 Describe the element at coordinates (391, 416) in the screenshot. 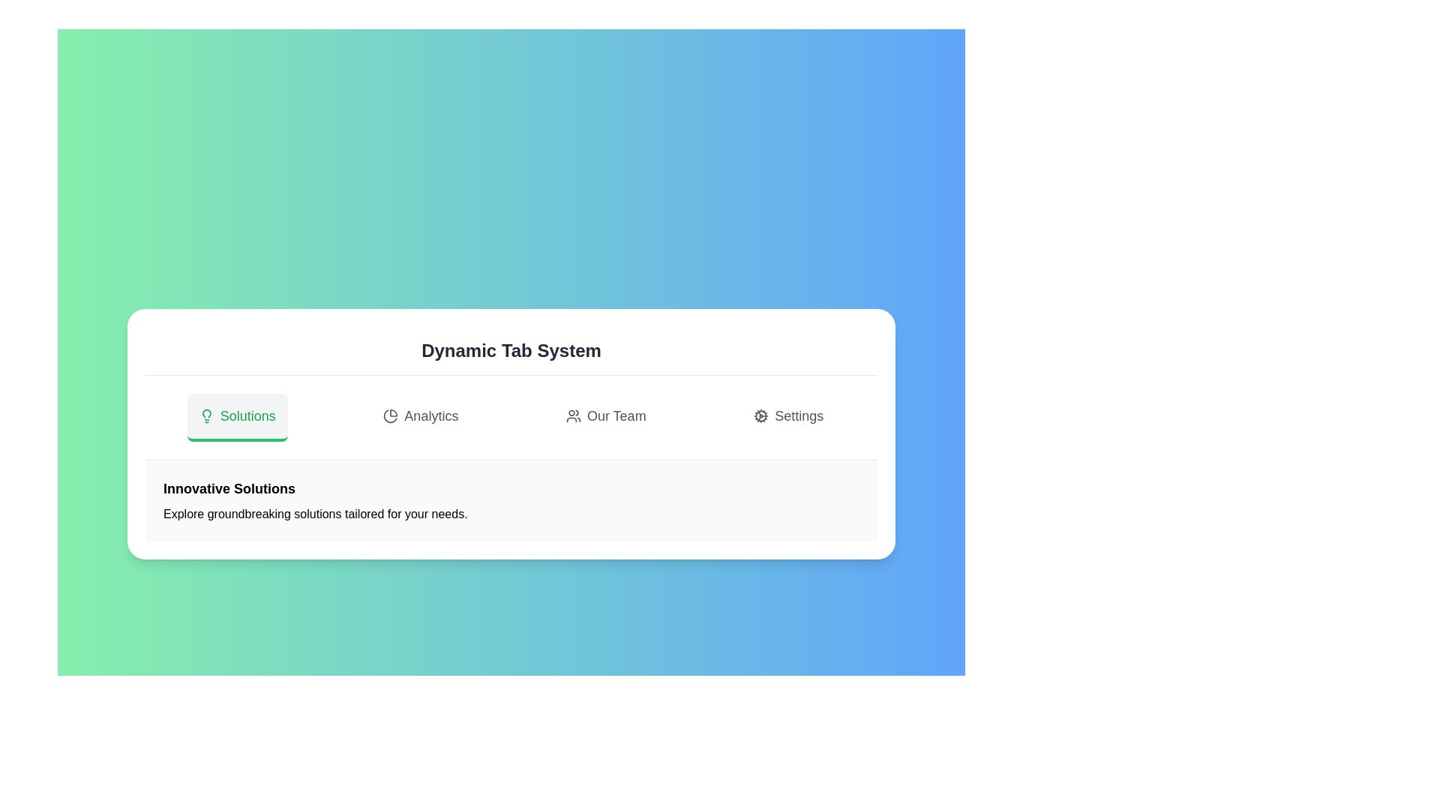

I see `the pie chart-shaped icon located in the 'Analytics' tab, positioned to the left of the 'Analytics' label text` at that location.